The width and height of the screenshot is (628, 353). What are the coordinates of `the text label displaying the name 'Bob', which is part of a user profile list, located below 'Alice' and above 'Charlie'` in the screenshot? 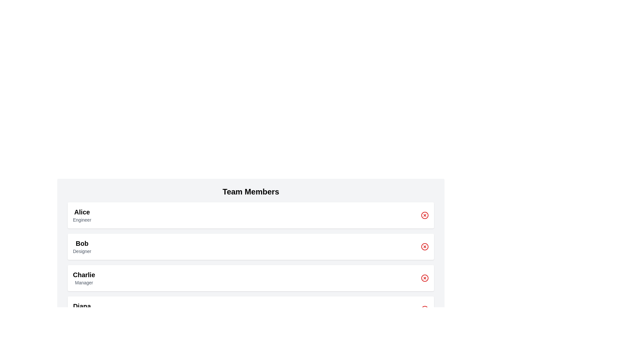 It's located at (81, 243).